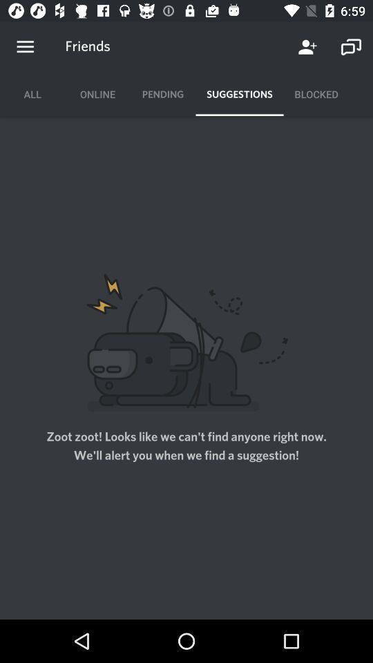 Image resolution: width=373 pixels, height=663 pixels. What do you see at coordinates (25, 47) in the screenshot?
I see `open additional sections` at bounding box center [25, 47].